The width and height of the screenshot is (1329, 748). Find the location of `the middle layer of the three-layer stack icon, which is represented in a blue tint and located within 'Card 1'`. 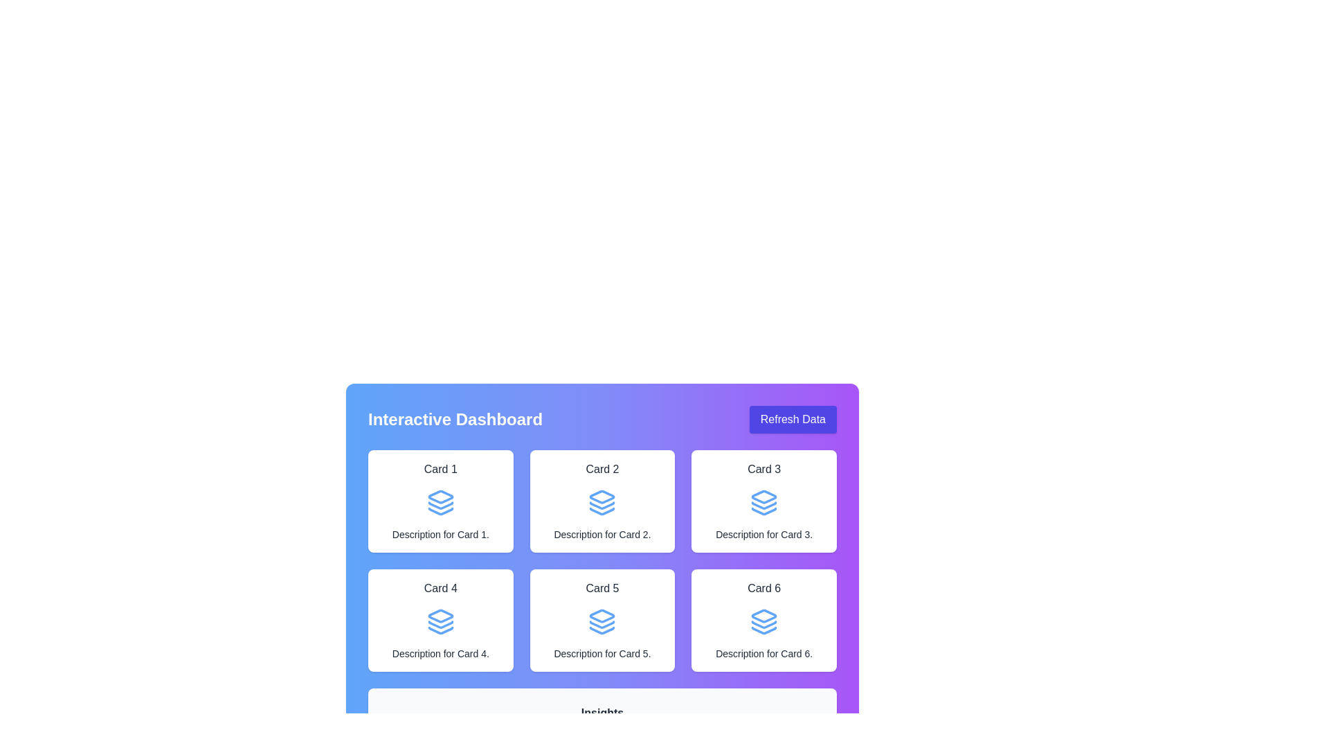

the middle layer of the three-layer stack icon, which is represented in a blue tint and located within 'Card 1' is located at coordinates (440, 506).